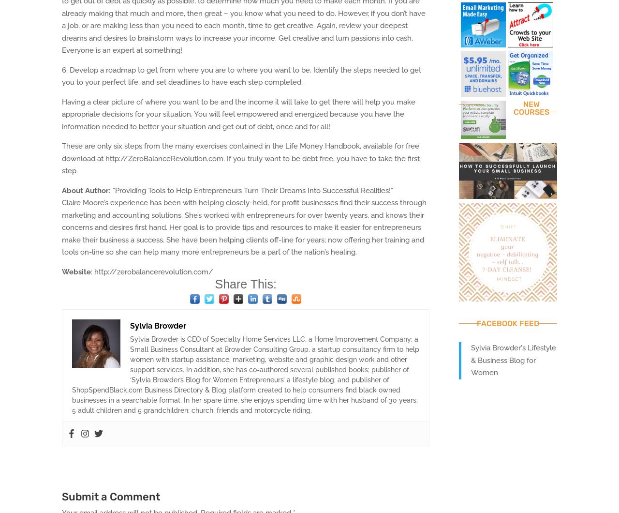 The height and width of the screenshot is (513, 619). Describe the element at coordinates (513, 360) in the screenshot. I see `'Sylvia Browder's Lifestyle & Business Blog for Women'` at that location.